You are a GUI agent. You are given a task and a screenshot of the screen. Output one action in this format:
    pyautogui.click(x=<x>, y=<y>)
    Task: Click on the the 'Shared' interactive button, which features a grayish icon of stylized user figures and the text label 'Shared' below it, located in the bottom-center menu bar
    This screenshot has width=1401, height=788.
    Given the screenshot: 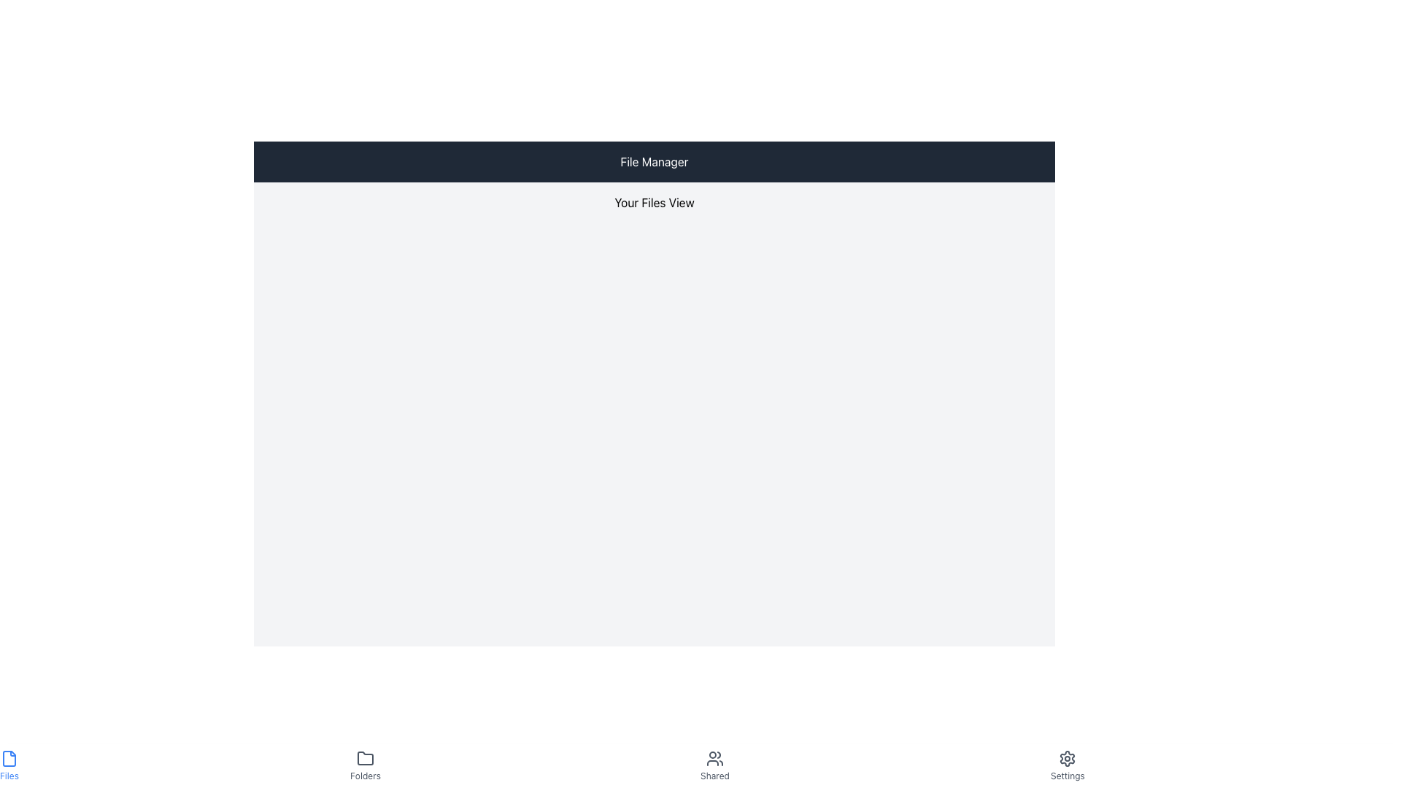 What is the action you would take?
    pyautogui.click(x=714, y=765)
    